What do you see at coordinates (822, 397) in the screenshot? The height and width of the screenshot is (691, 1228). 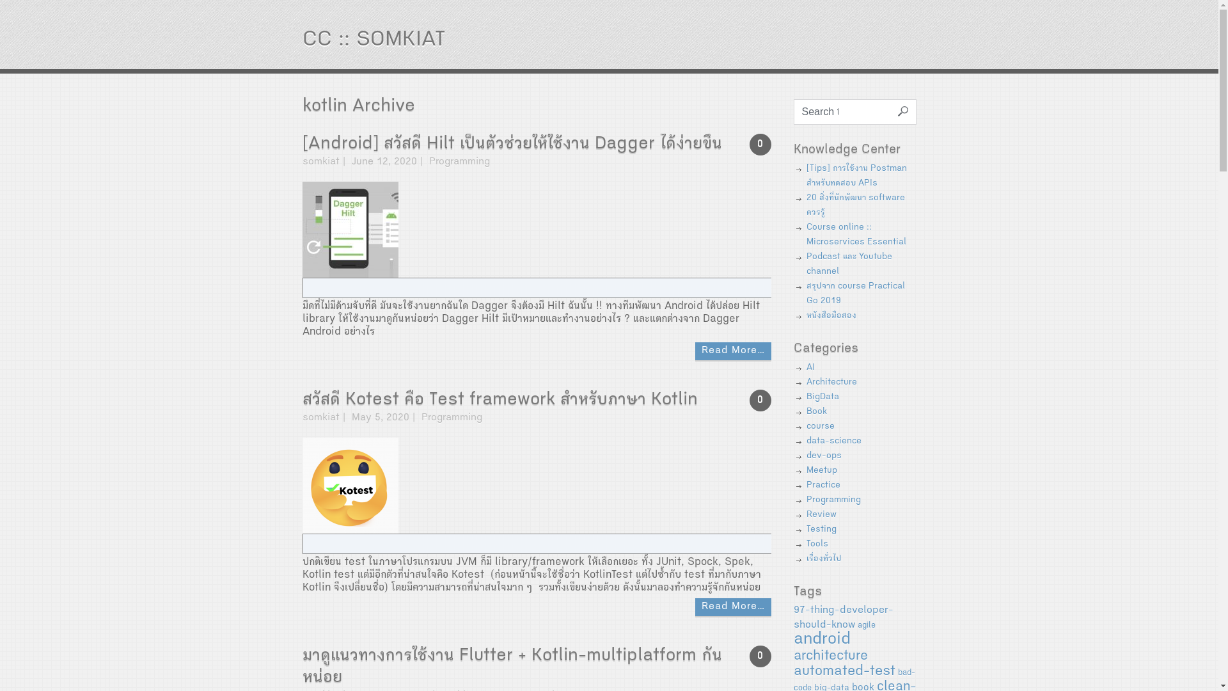 I see `'BigData'` at bounding box center [822, 397].